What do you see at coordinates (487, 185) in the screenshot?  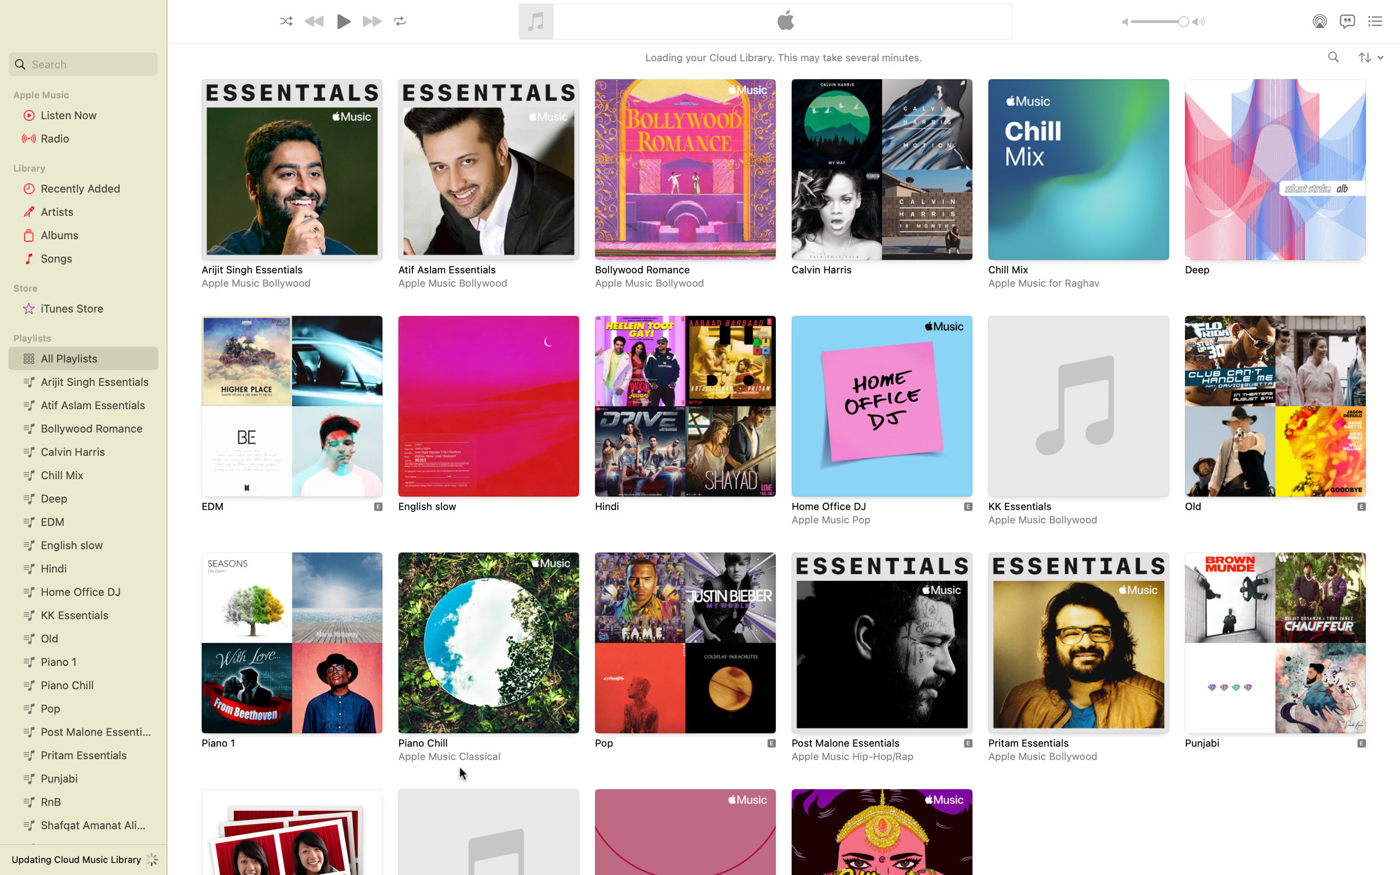 I see `Go to and click the playlist Atif` at bounding box center [487, 185].